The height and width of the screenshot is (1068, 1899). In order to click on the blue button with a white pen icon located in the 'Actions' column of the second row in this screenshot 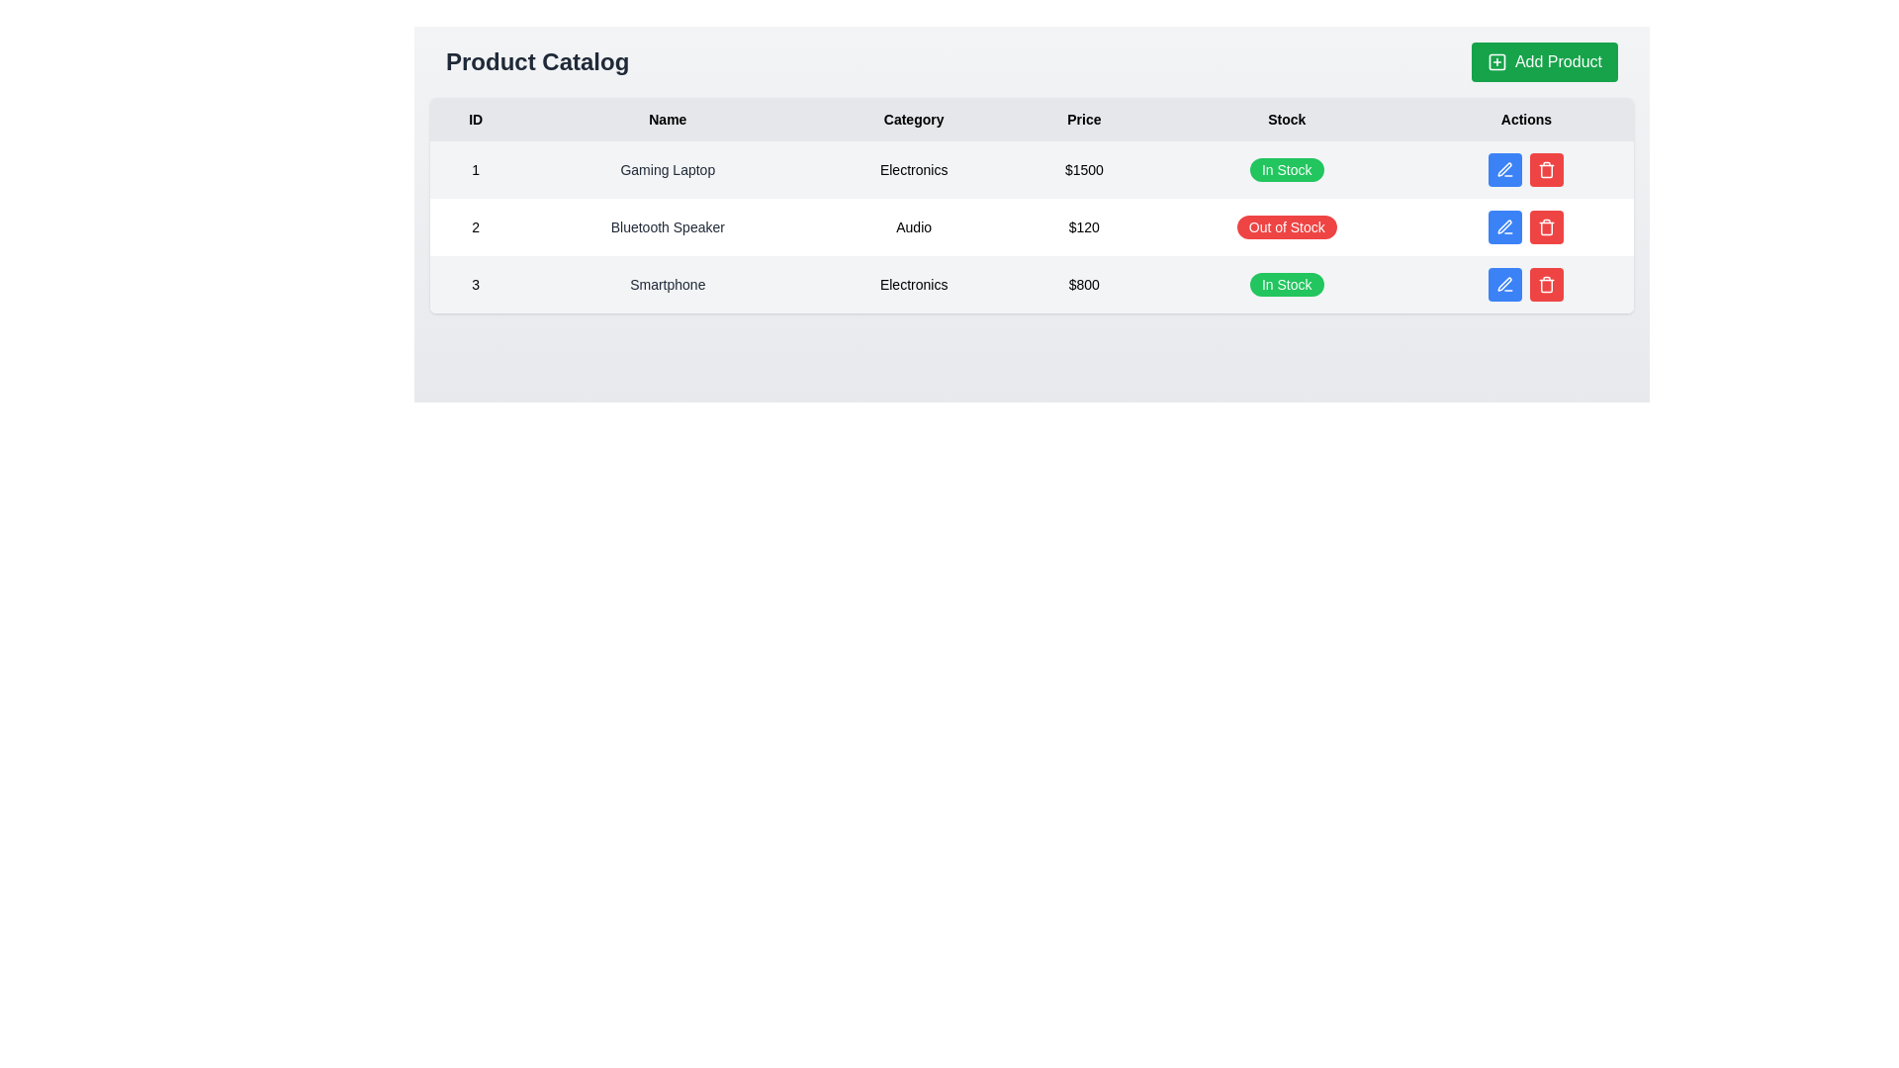, I will do `click(1504, 226)`.